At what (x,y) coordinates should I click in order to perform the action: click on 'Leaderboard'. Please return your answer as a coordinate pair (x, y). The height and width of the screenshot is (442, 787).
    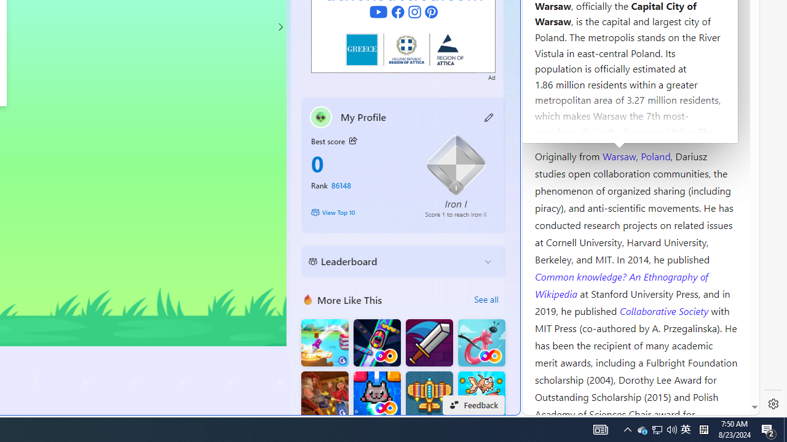
    Looking at the image, I should click on (393, 260).